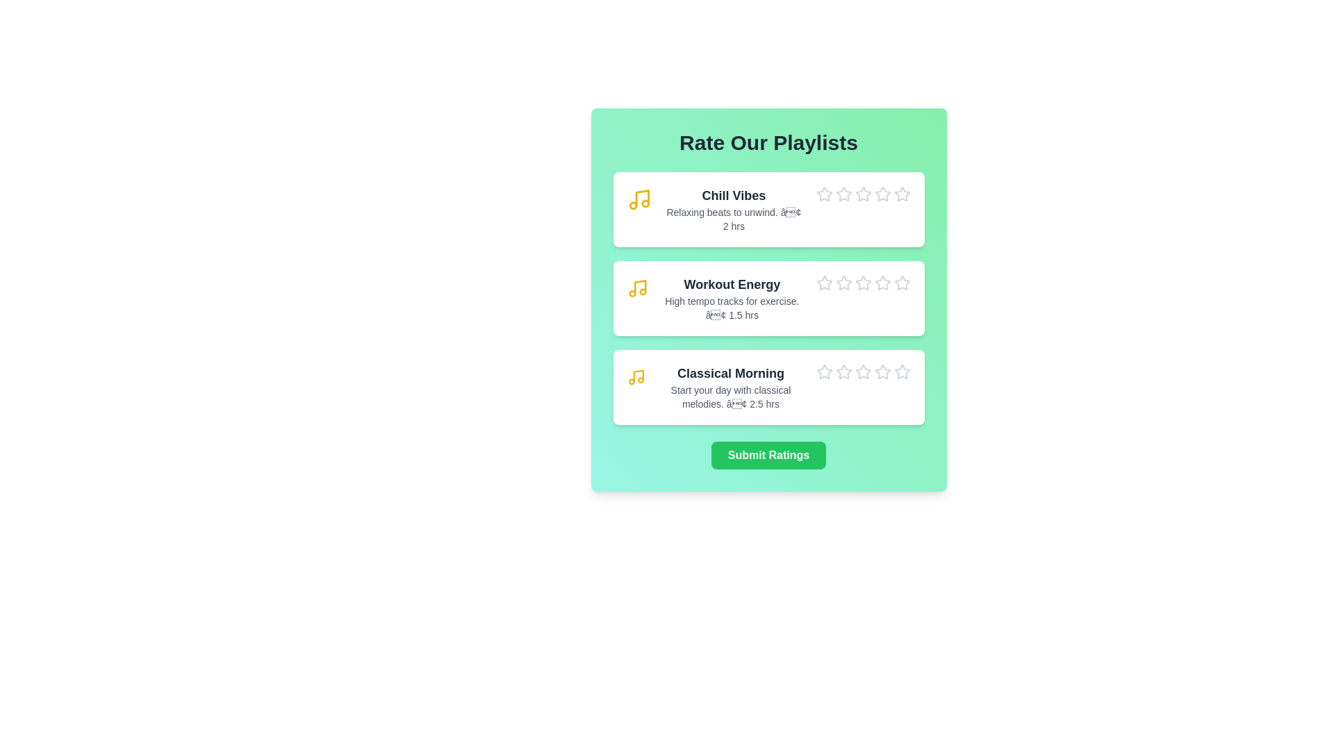 This screenshot has width=1334, height=750. I want to click on the star icon corresponding to 1 stars for the playlist Classical Morning, so click(816, 363).